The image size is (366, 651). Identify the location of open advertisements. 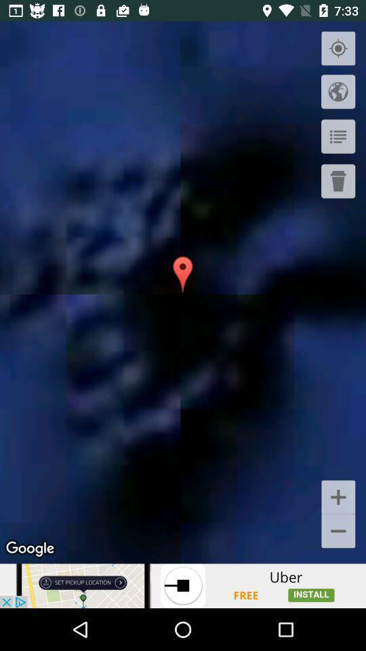
(183, 585).